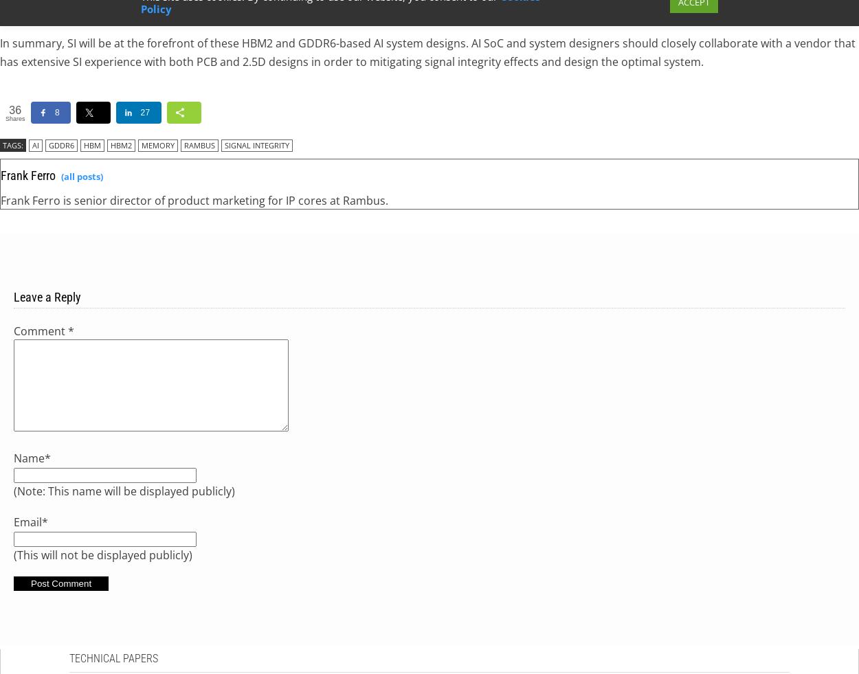  I want to click on 'Rambus', so click(199, 144).